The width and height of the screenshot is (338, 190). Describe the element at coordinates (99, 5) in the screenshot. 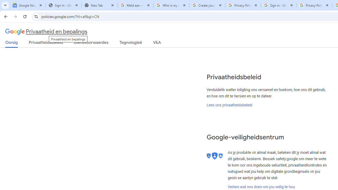

I see `'New Tab'` at that location.